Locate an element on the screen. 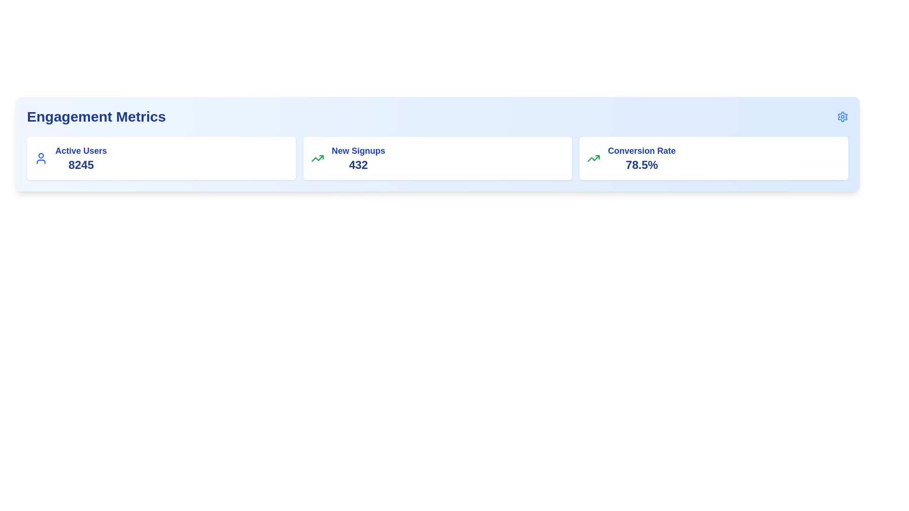 The width and height of the screenshot is (909, 511). the small, green, upwards-trending line arrow icon located to the immediate left of the text 'Conversion Rate' in the metrics display panel is located at coordinates (317, 158).